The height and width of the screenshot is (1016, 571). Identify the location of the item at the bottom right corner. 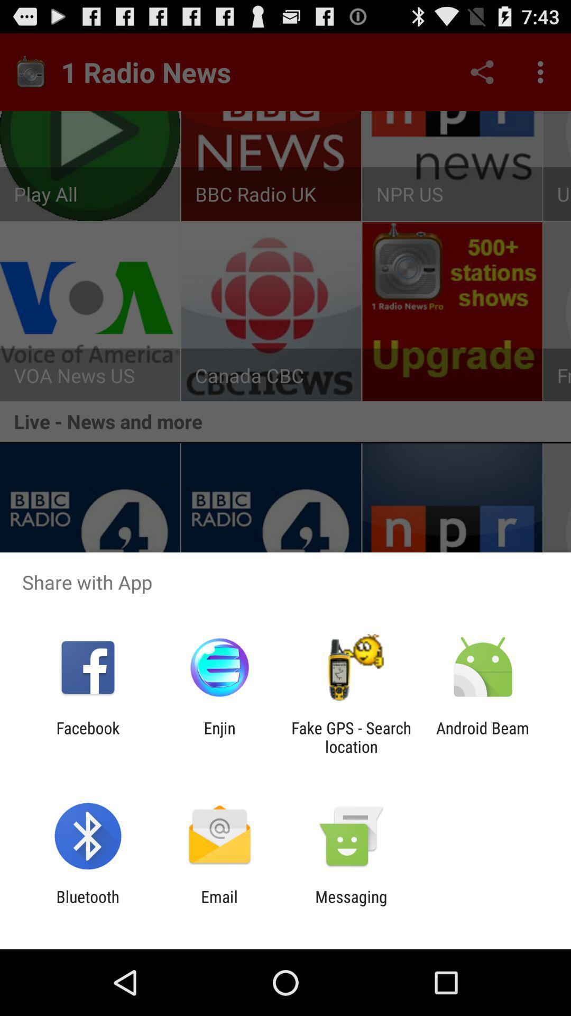
(483, 737).